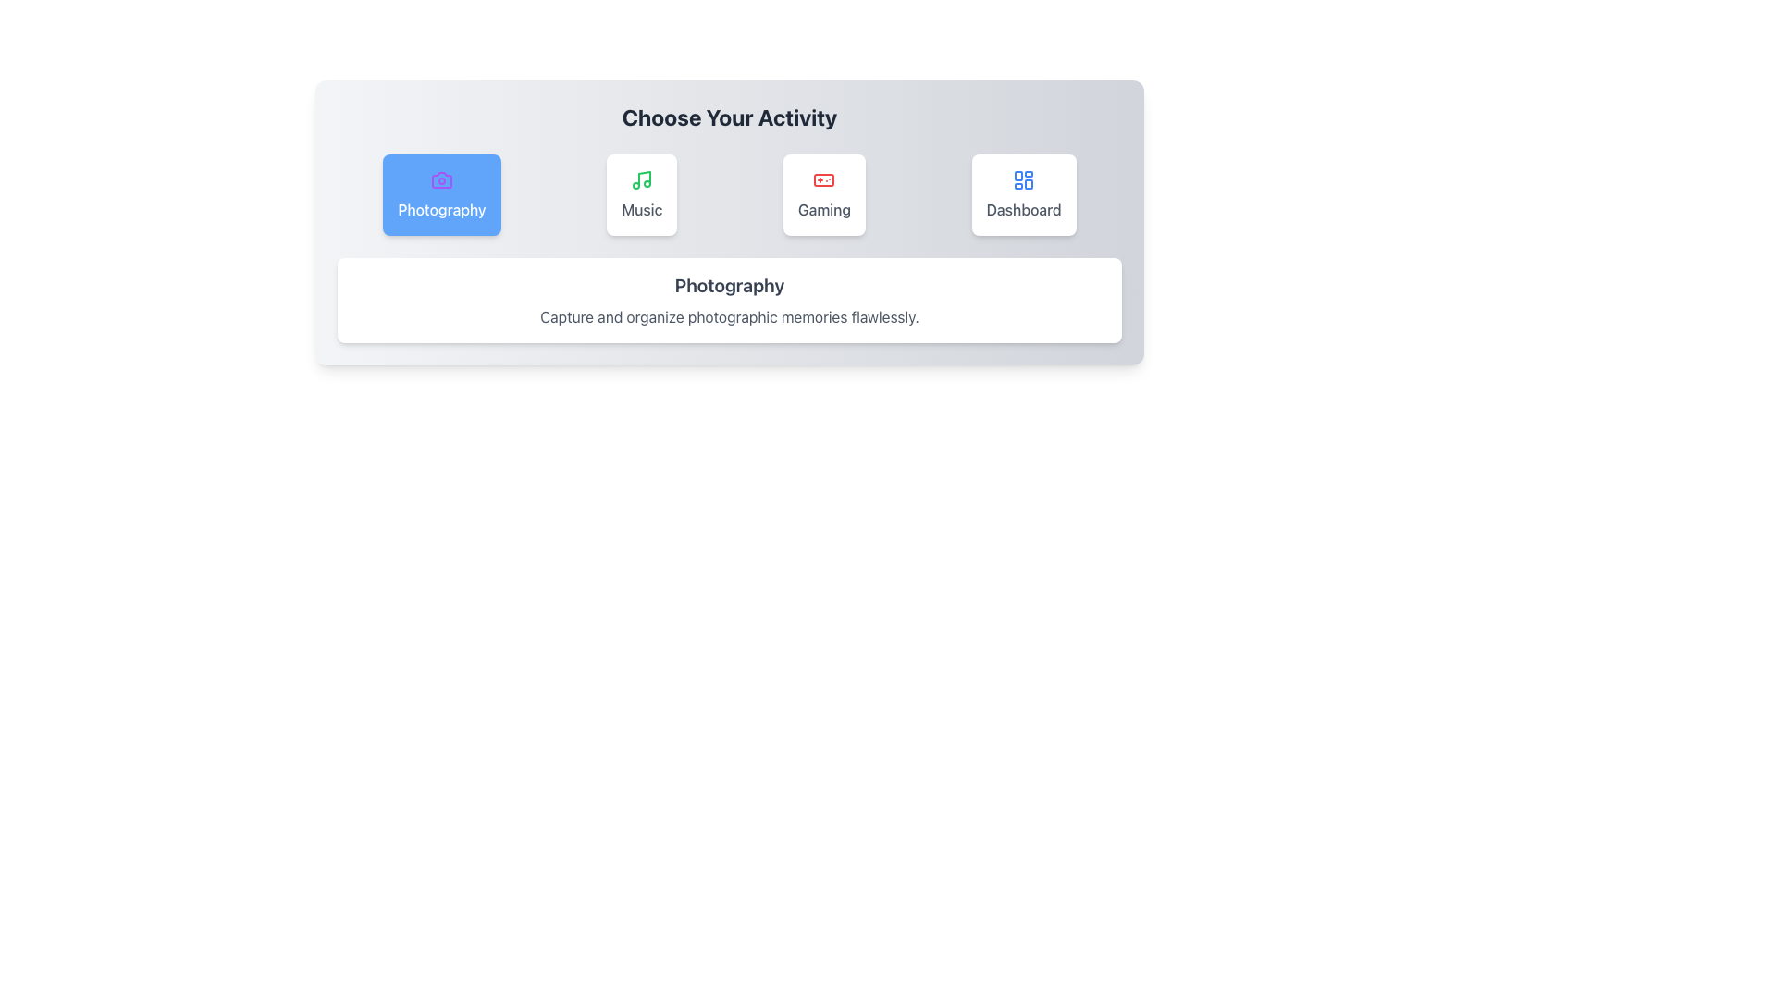 This screenshot has height=999, width=1776. Describe the element at coordinates (645, 179) in the screenshot. I see `the main body of the musical note icon, which is the second option in the horizontal activity choice layout, located above the 'Music' label` at that location.